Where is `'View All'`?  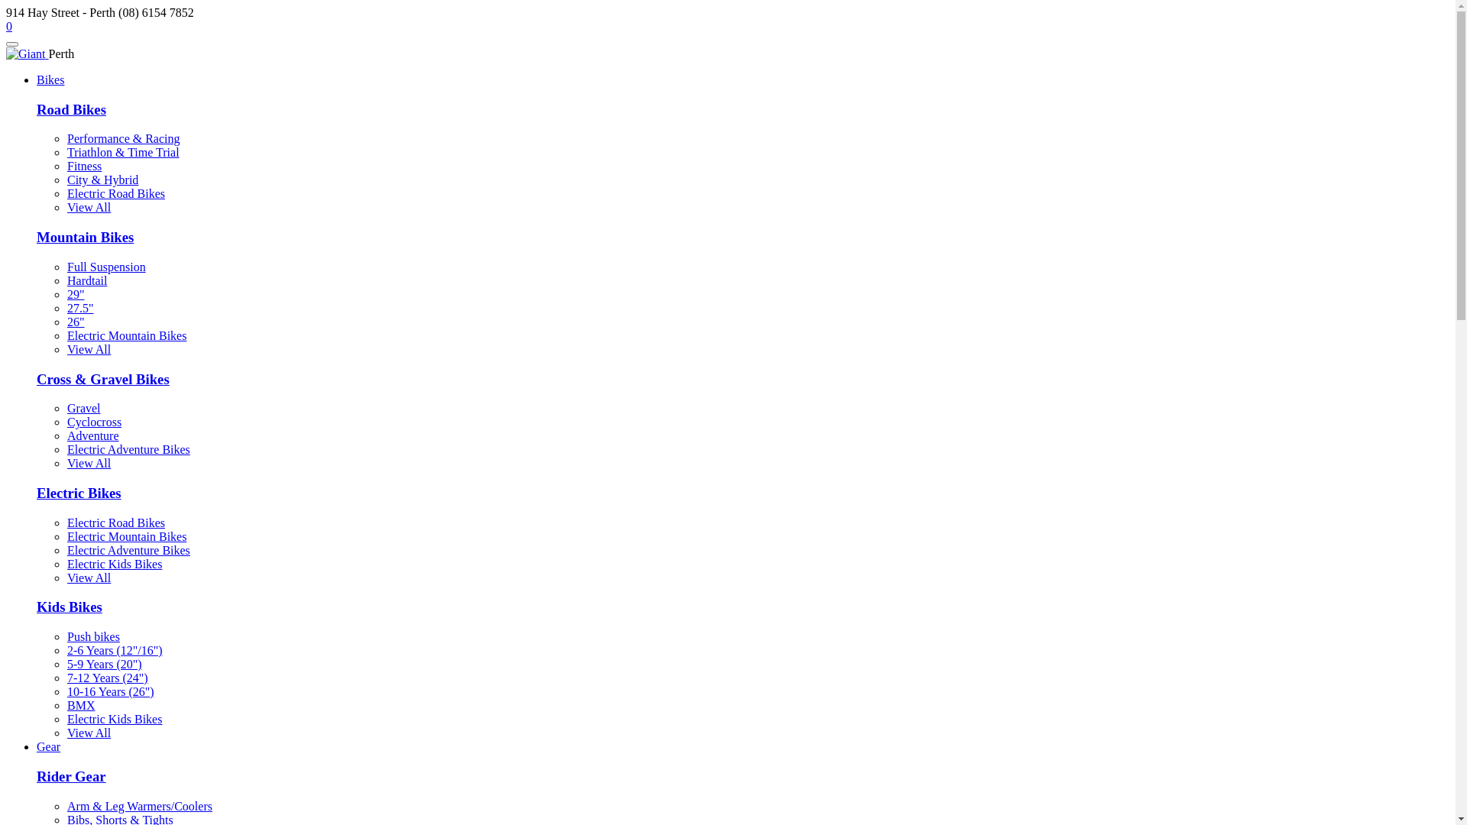 'View All' is located at coordinates (88, 462).